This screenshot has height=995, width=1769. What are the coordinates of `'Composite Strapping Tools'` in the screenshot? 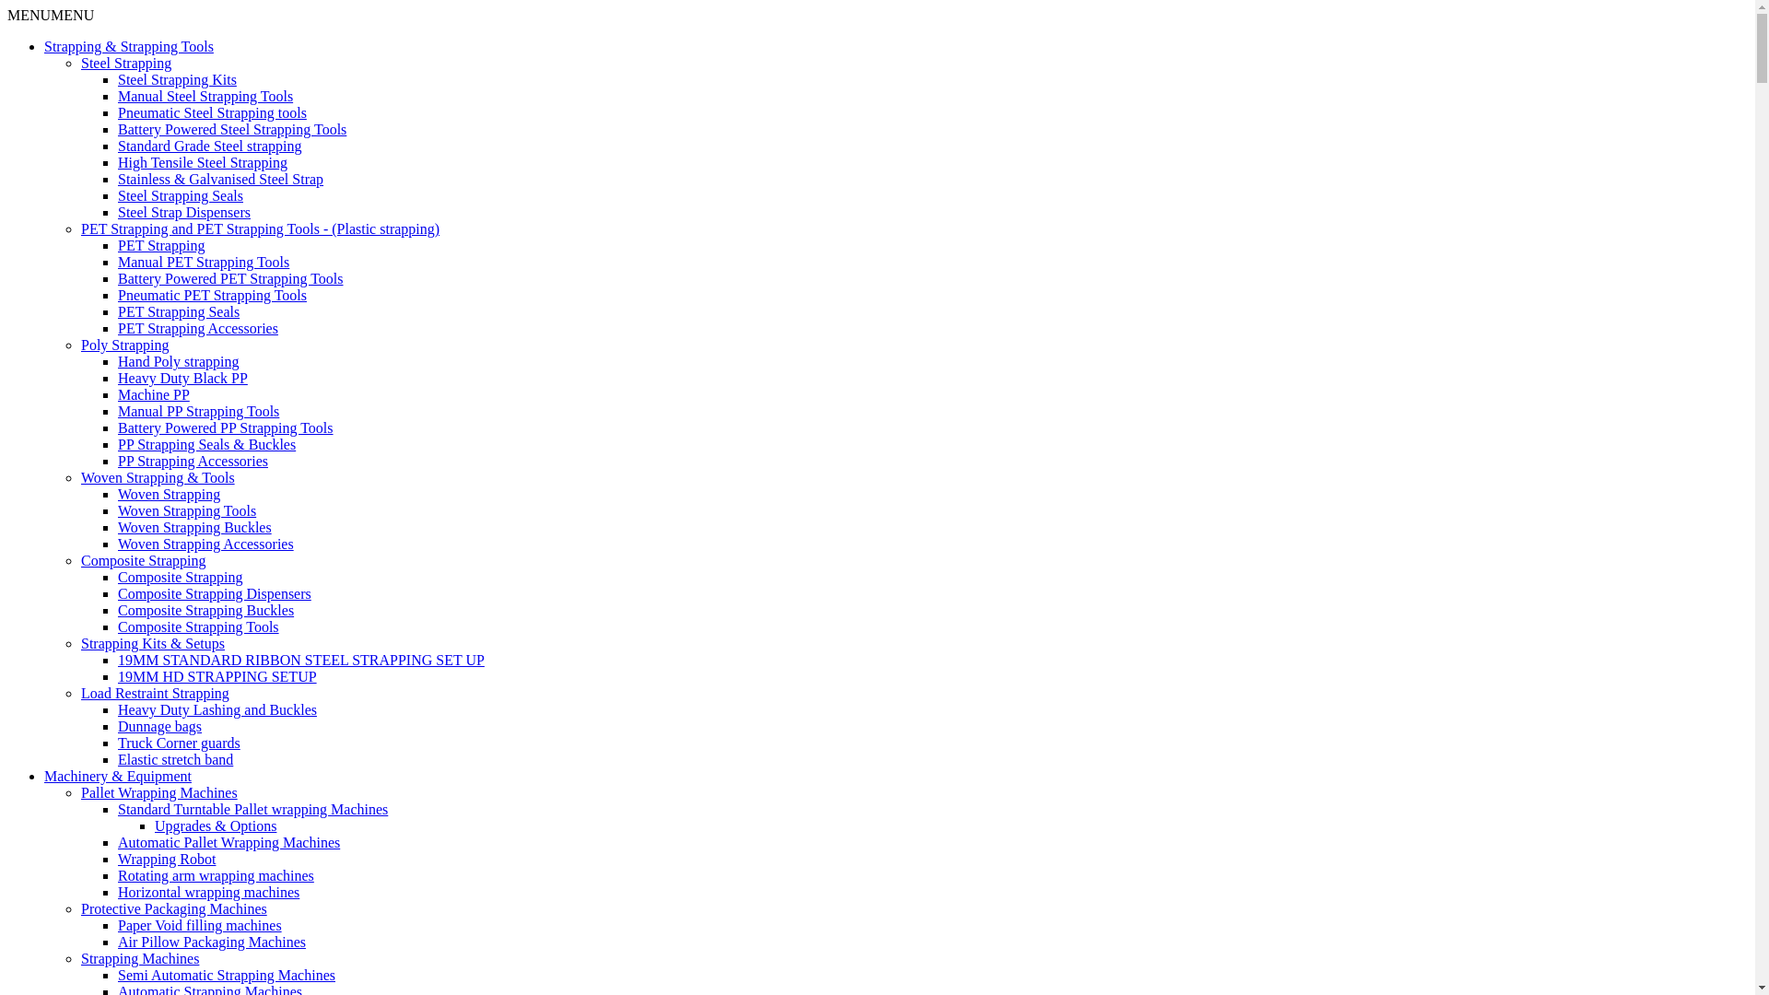 It's located at (198, 626).